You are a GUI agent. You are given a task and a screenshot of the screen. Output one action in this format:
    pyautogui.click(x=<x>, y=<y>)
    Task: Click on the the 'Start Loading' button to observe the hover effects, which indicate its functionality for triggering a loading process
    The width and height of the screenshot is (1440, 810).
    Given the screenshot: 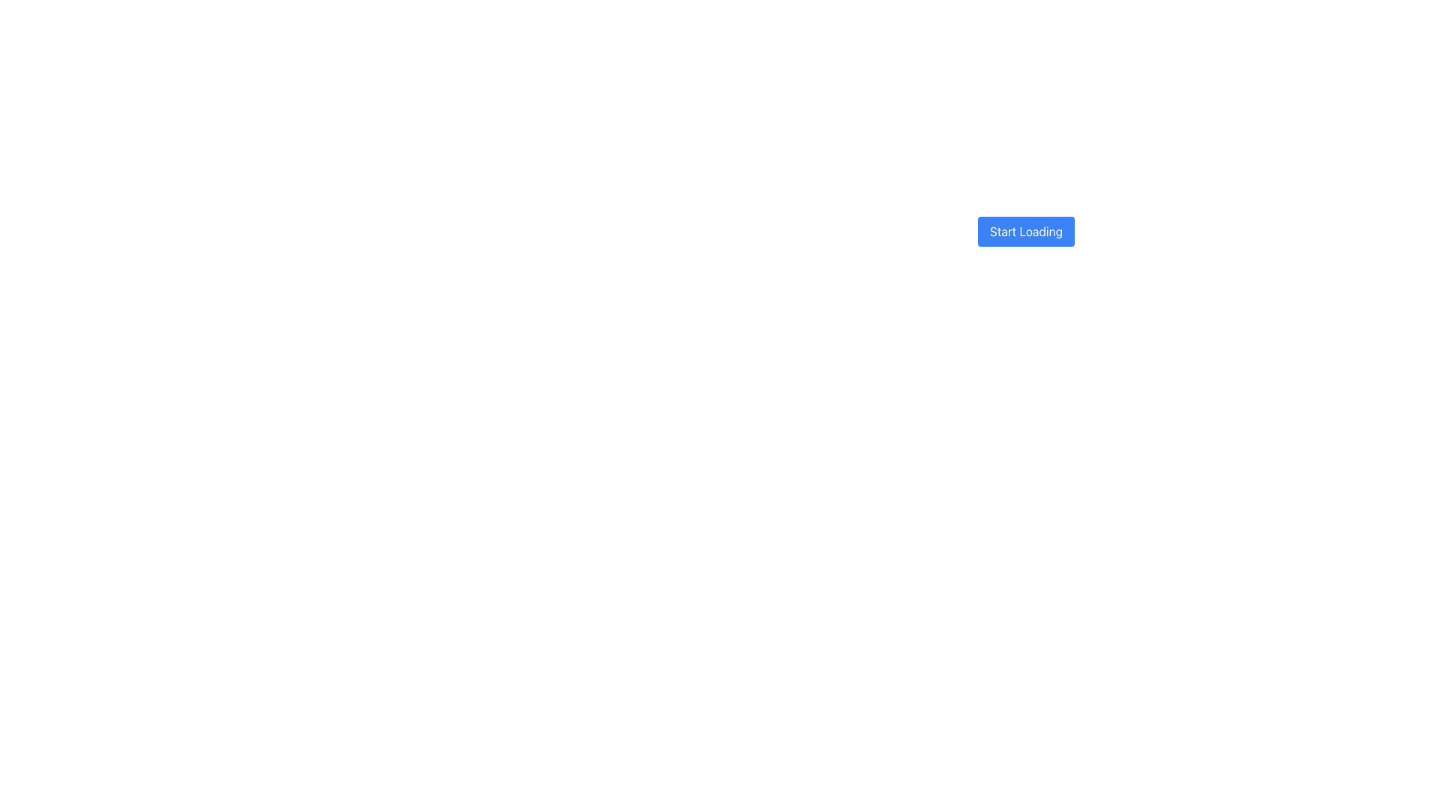 What is the action you would take?
    pyautogui.click(x=1025, y=225)
    